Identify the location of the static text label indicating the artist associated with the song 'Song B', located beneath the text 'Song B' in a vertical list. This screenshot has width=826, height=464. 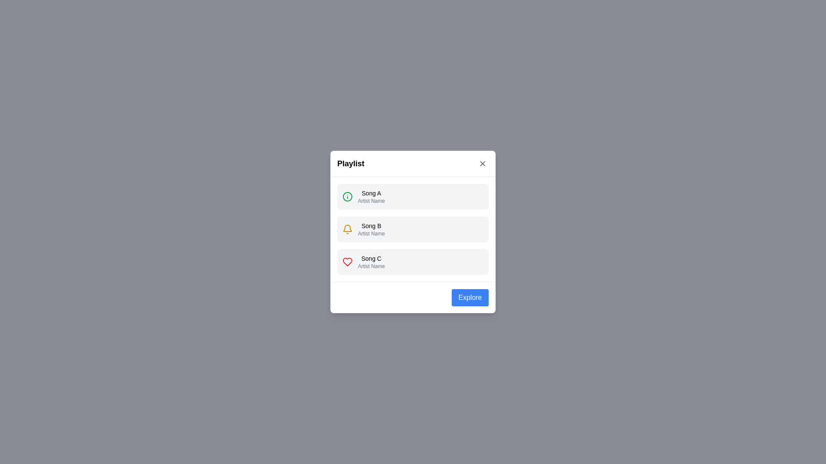
(371, 233).